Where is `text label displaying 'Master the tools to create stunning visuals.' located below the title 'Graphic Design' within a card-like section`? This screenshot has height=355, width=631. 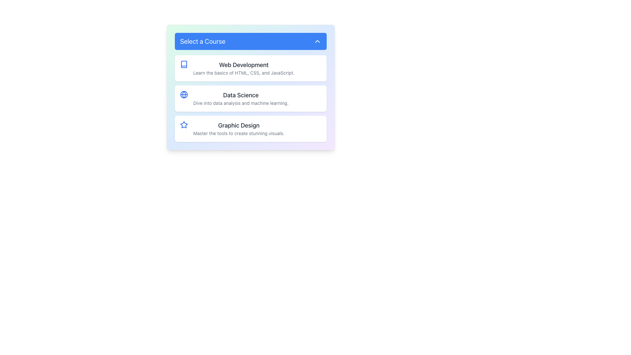
text label displaying 'Master the tools to create stunning visuals.' located below the title 'Graphic Design' within a card-like section is located at coordinates (238, 133).